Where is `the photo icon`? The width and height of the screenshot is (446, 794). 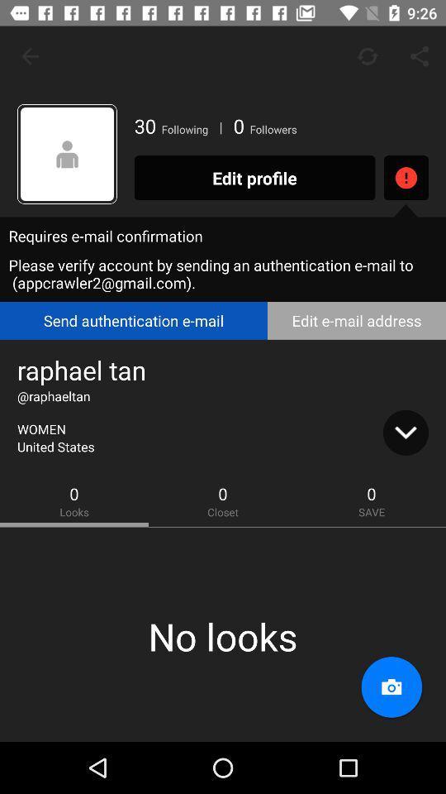 the photo icon is located at coordinates (391, 687).